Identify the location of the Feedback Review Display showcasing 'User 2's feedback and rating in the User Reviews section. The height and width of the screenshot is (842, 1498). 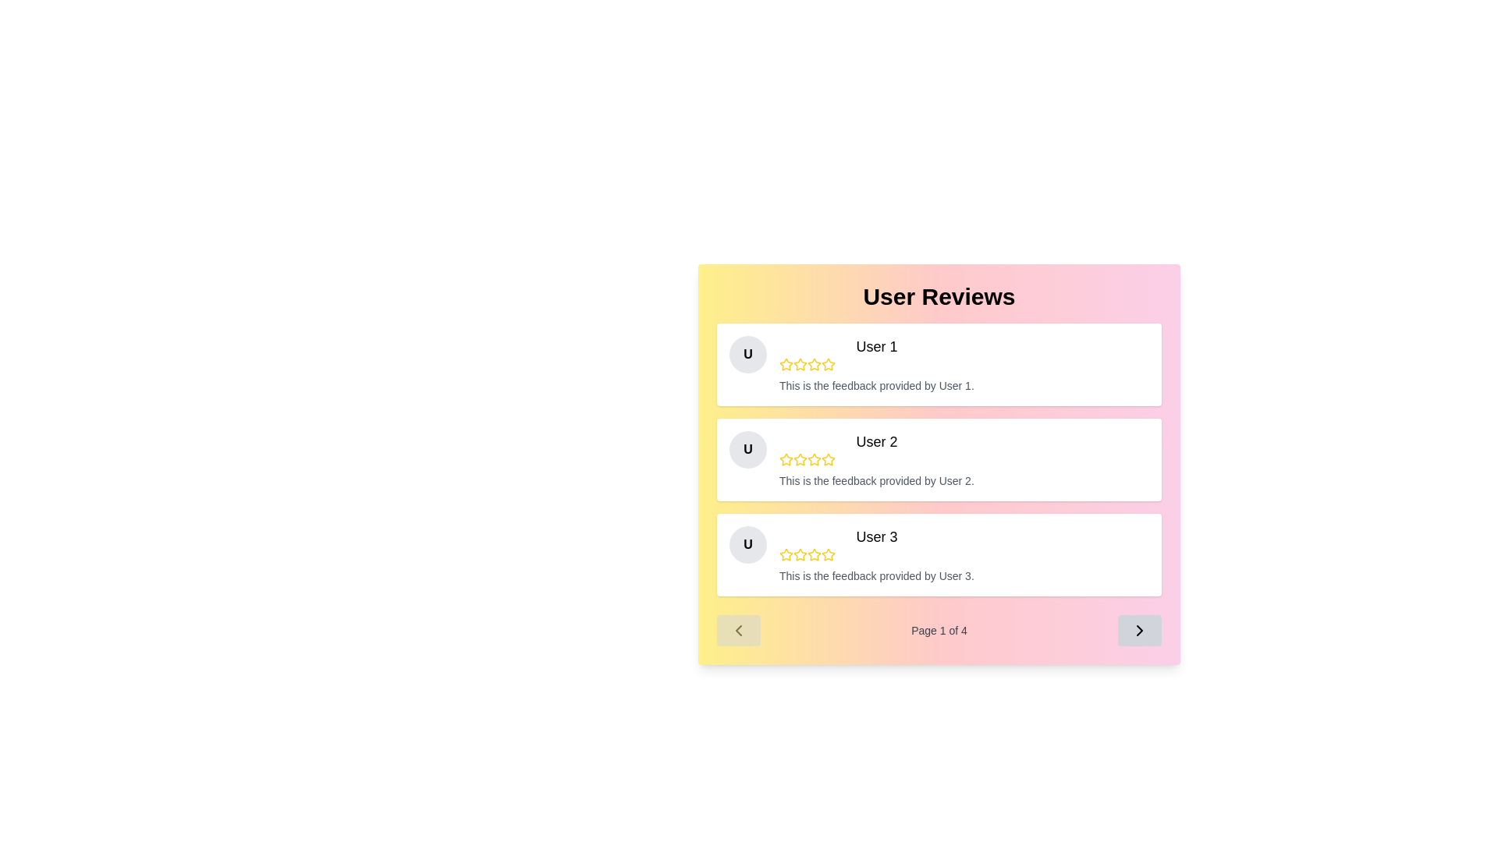
(876, 459).